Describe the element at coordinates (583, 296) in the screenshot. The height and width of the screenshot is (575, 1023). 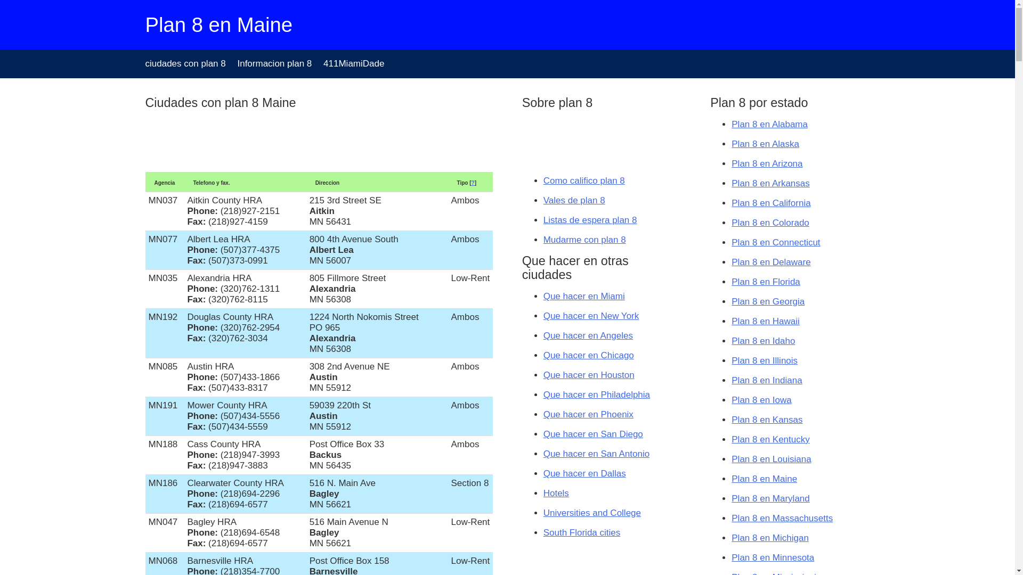
I see `'Que hacer en Miami'` at that location.